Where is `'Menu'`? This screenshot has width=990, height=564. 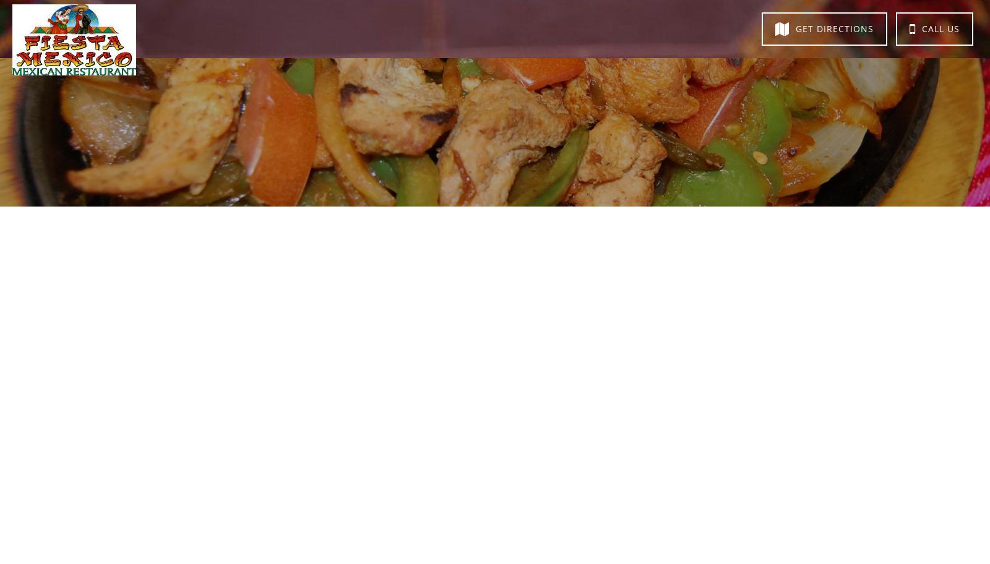 'Menu' is located at coordinates (385, 27).